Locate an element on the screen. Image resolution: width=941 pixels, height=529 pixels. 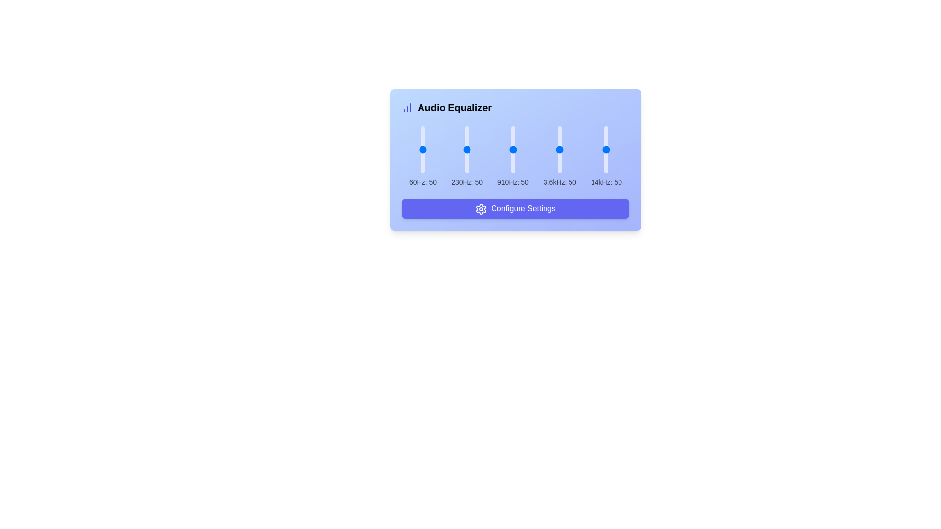
the 230Hz slider value is located at coordinates (467, 164).